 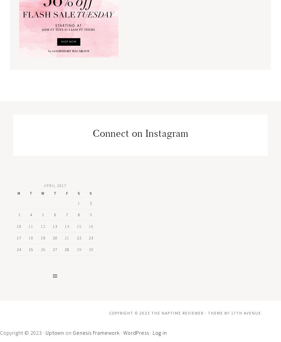 What do you see at coordinates (43, 214) in the screenshot?
I see `'5'` at bounding box center [43, 214].